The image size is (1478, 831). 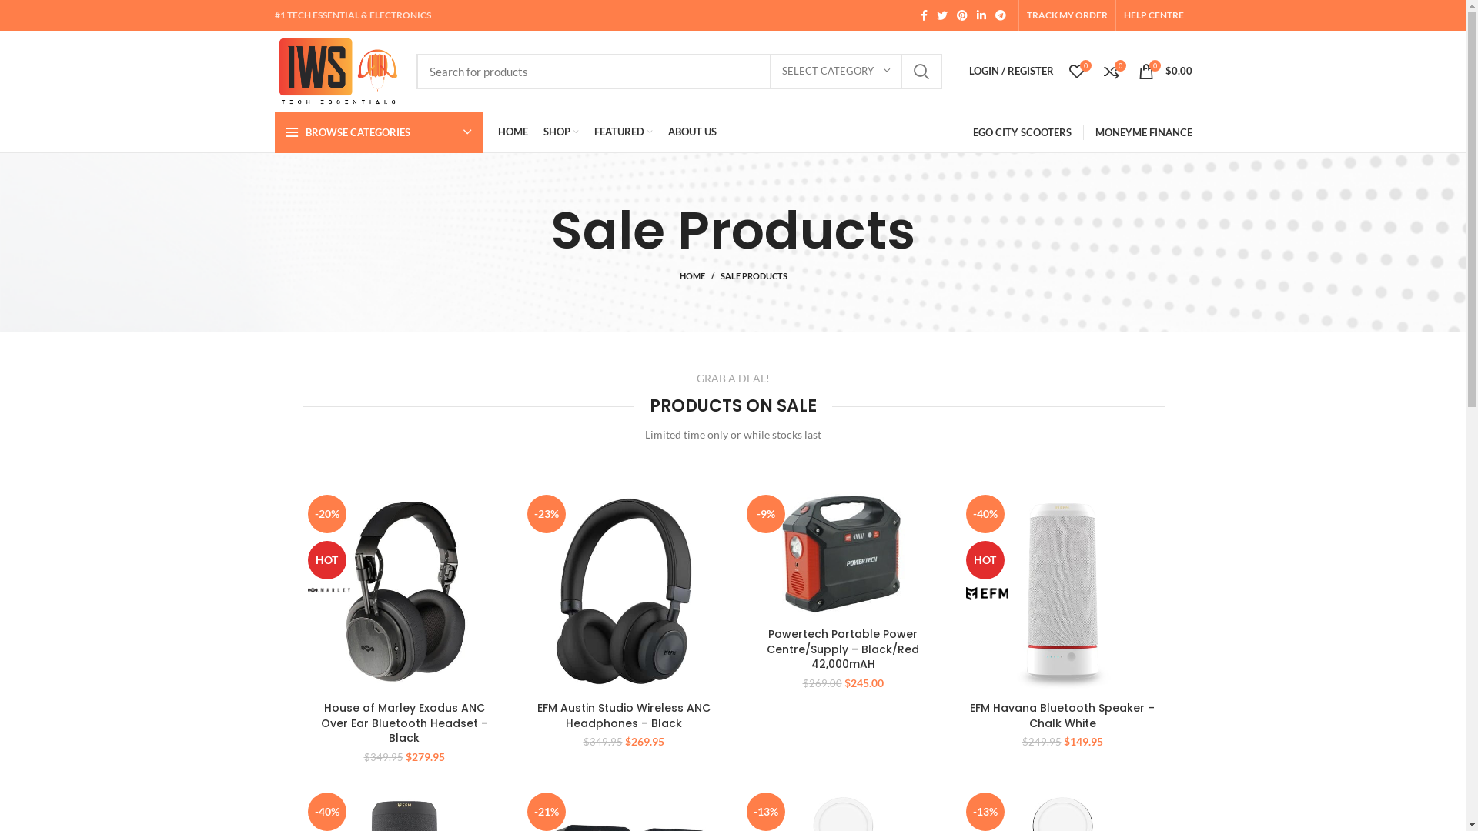 What do you see at coordinates (964, 592) in the screenshot?
I see `'efm'` at bounding box center [964, 592].